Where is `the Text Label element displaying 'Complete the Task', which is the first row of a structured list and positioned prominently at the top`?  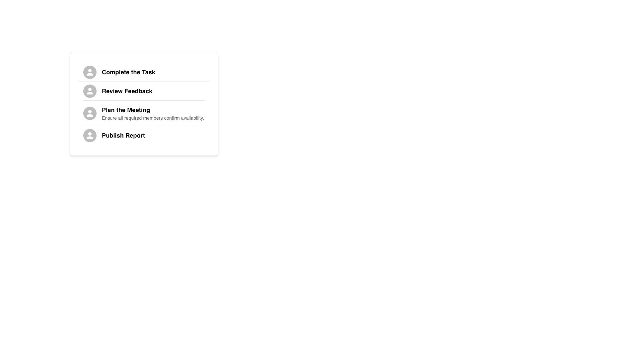
the Text Label element displaying 'Complete the Task', which is the first row of a structured list and positioned prominently at the top is located at coordinates (128, 72).